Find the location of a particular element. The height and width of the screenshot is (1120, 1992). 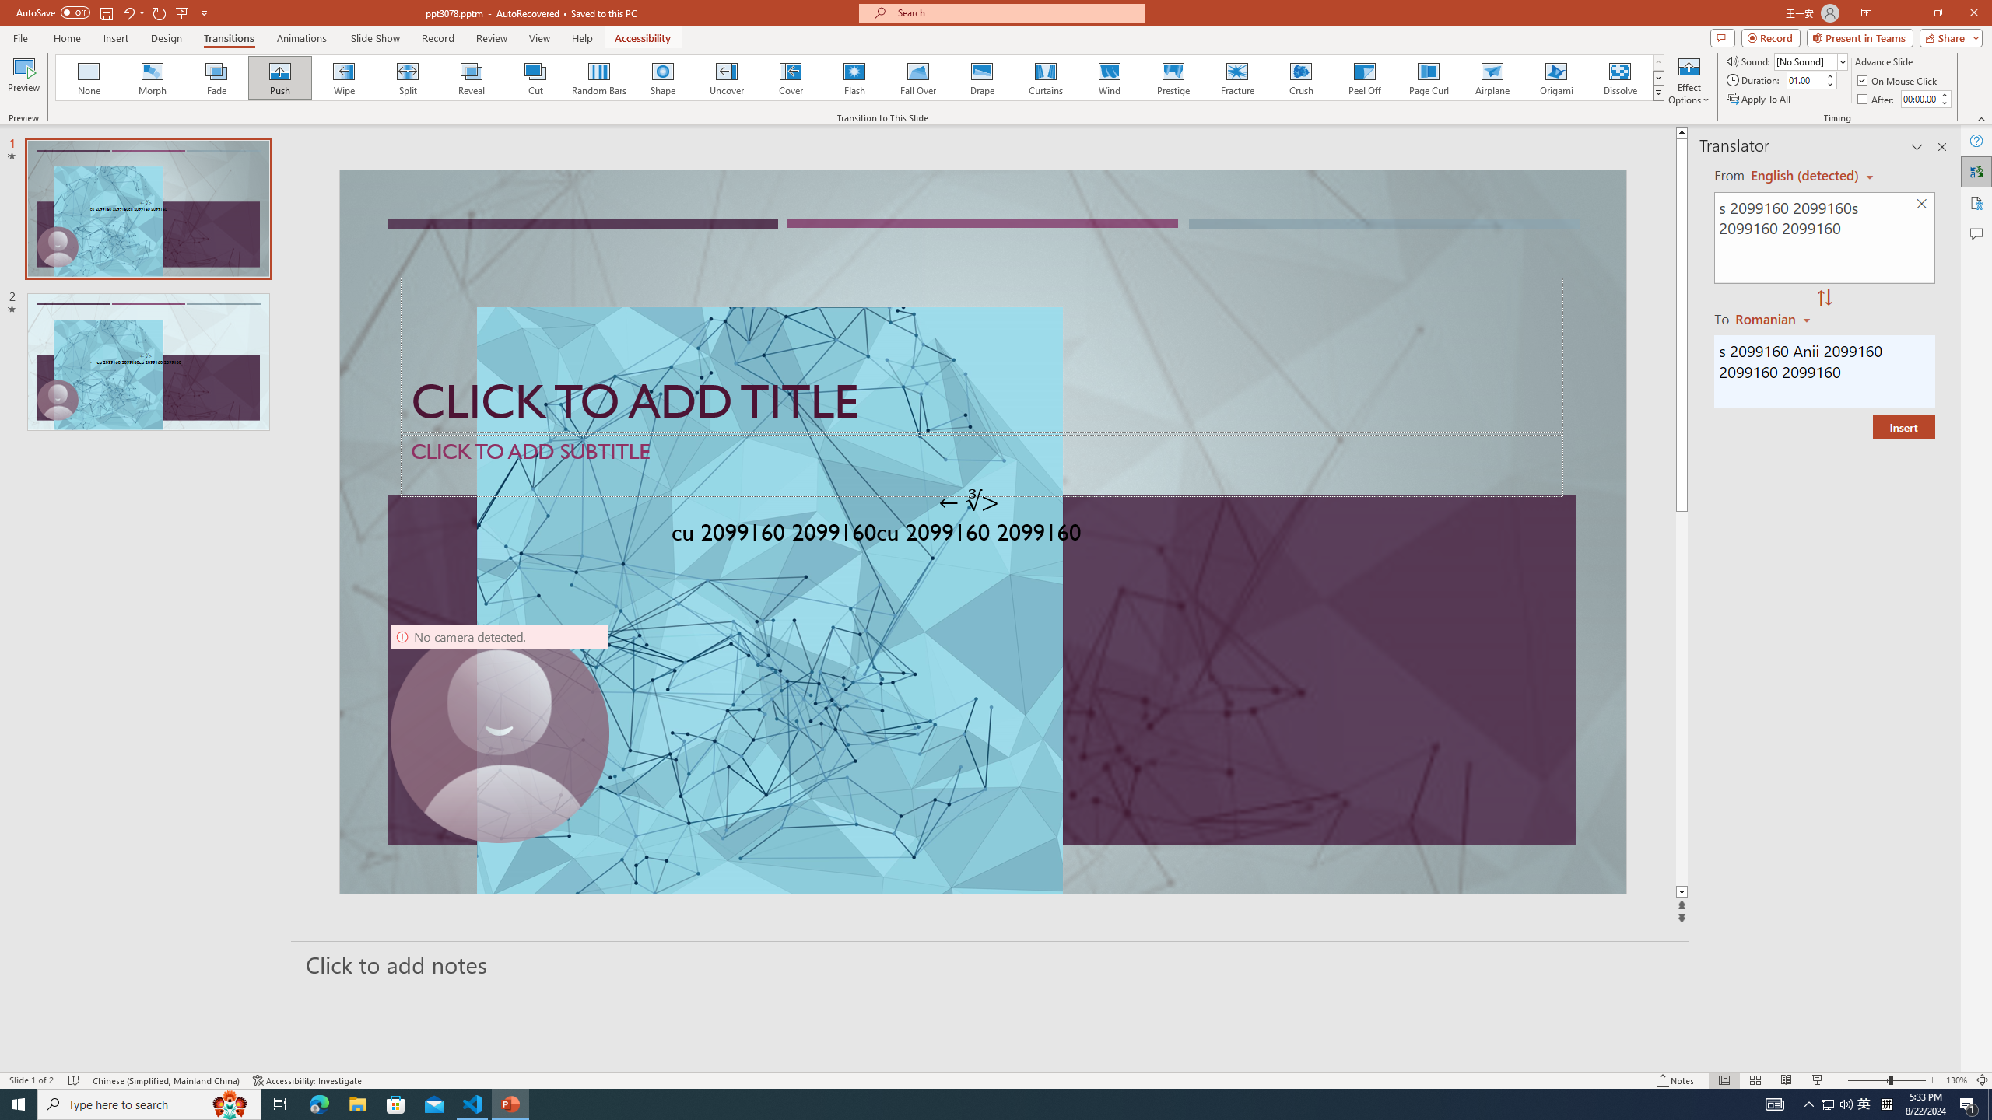

'AutomationID: AnimationTransitionGallery' is located at coordinates (859, 77).